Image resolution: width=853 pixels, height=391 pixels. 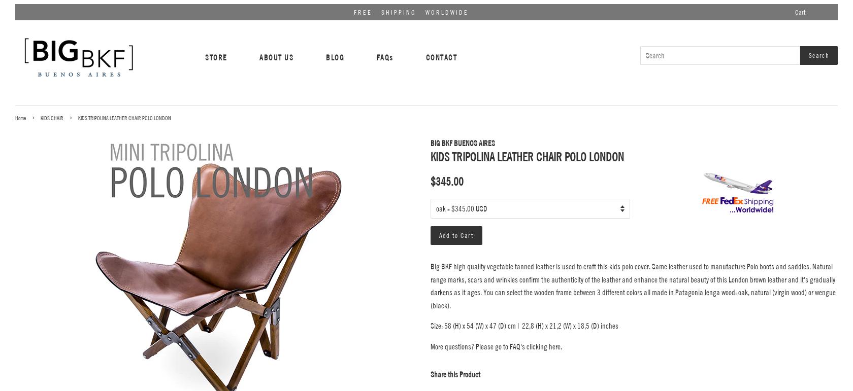 I want to click on 'Search', so click(x=818, y=54).